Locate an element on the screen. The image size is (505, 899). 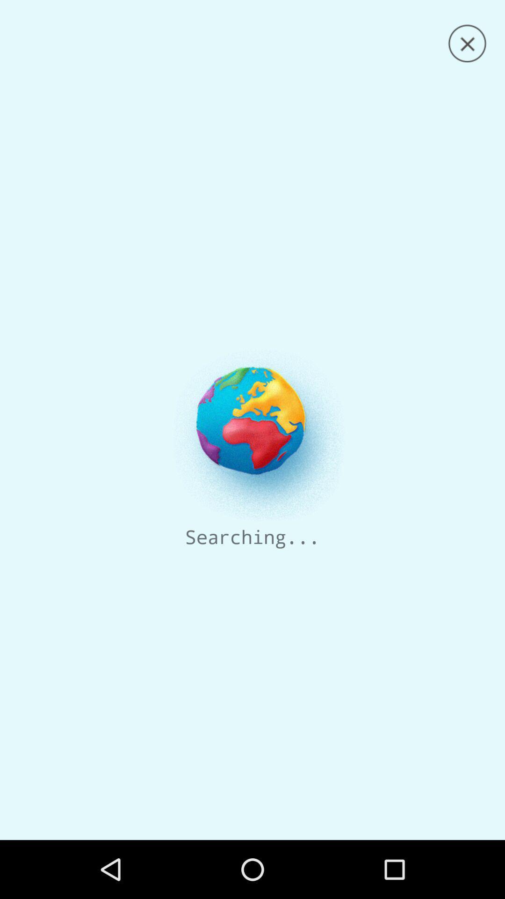
close is located at coordinates (467, 43).